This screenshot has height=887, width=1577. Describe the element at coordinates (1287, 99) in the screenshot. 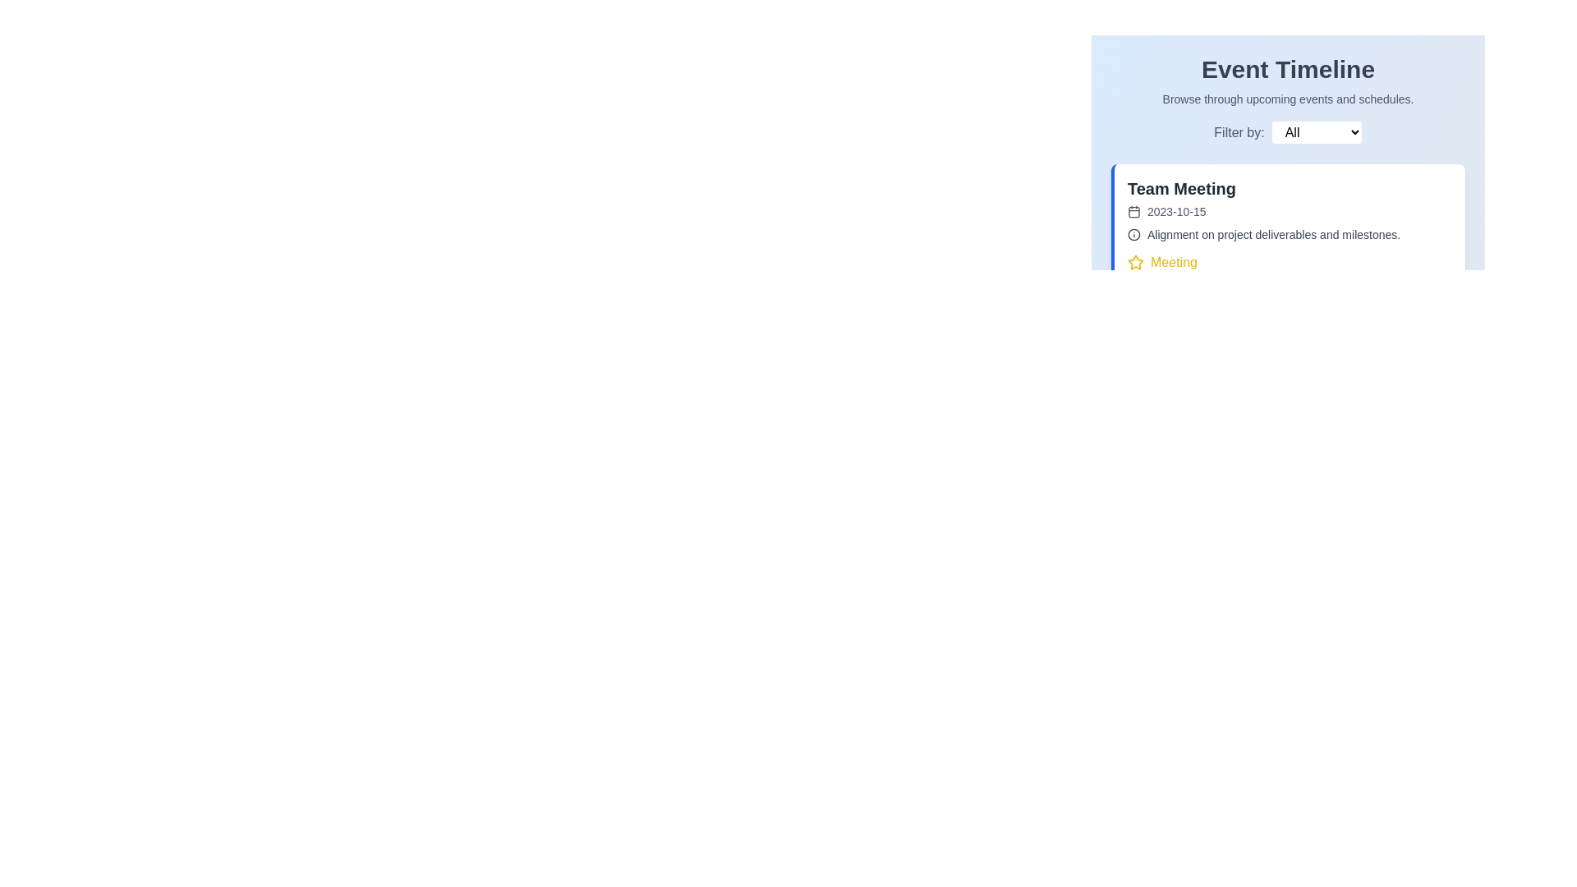

I see `the static informational text that describes 'upcoming events and schedules', located below the heading 'Event Timeline'` at that location.